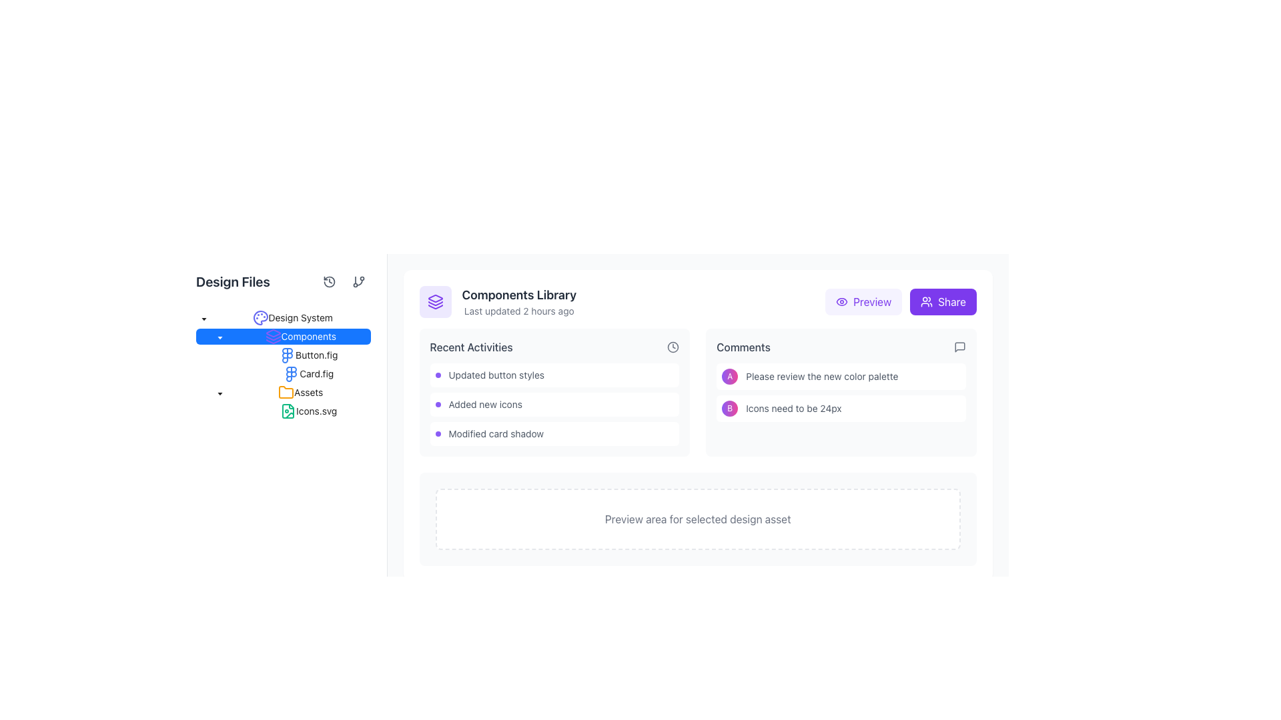  Describe the element at coordinates (329, 281) in the screenshot. I see `the circular 'history' or 'reset' icon with a counterclockwise arrow enclosing a clock hand` at that location.